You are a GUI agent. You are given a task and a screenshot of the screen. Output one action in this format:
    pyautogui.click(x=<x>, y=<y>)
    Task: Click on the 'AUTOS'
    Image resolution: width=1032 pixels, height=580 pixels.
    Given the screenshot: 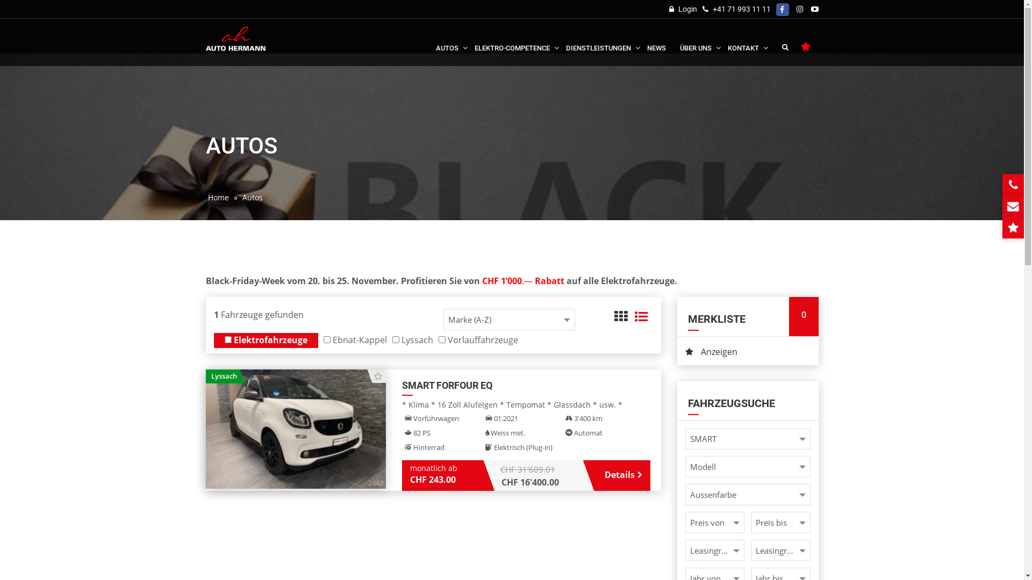 What is the action you would take?
    pyautogui.click(x=448, y=40)
    